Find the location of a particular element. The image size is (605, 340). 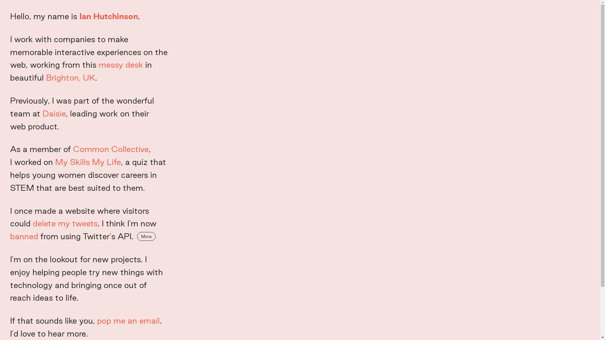

'pop me an email' is located at coordinates (128, 321).